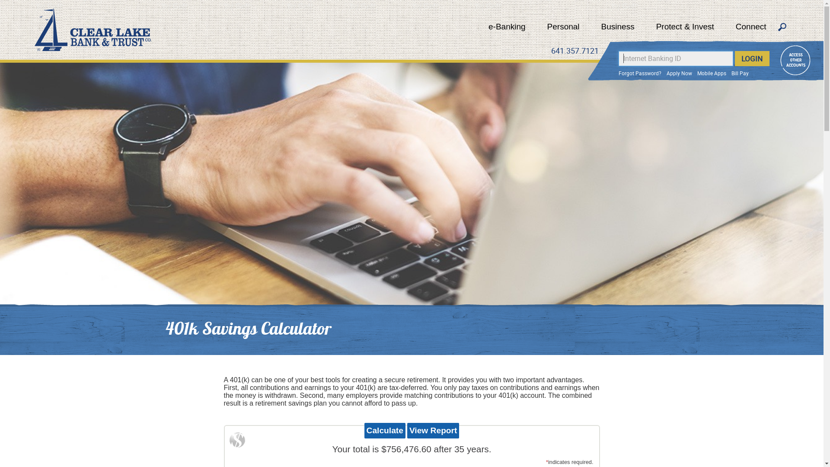  I want to click on 'Mobile Apps', so click(712, 73).